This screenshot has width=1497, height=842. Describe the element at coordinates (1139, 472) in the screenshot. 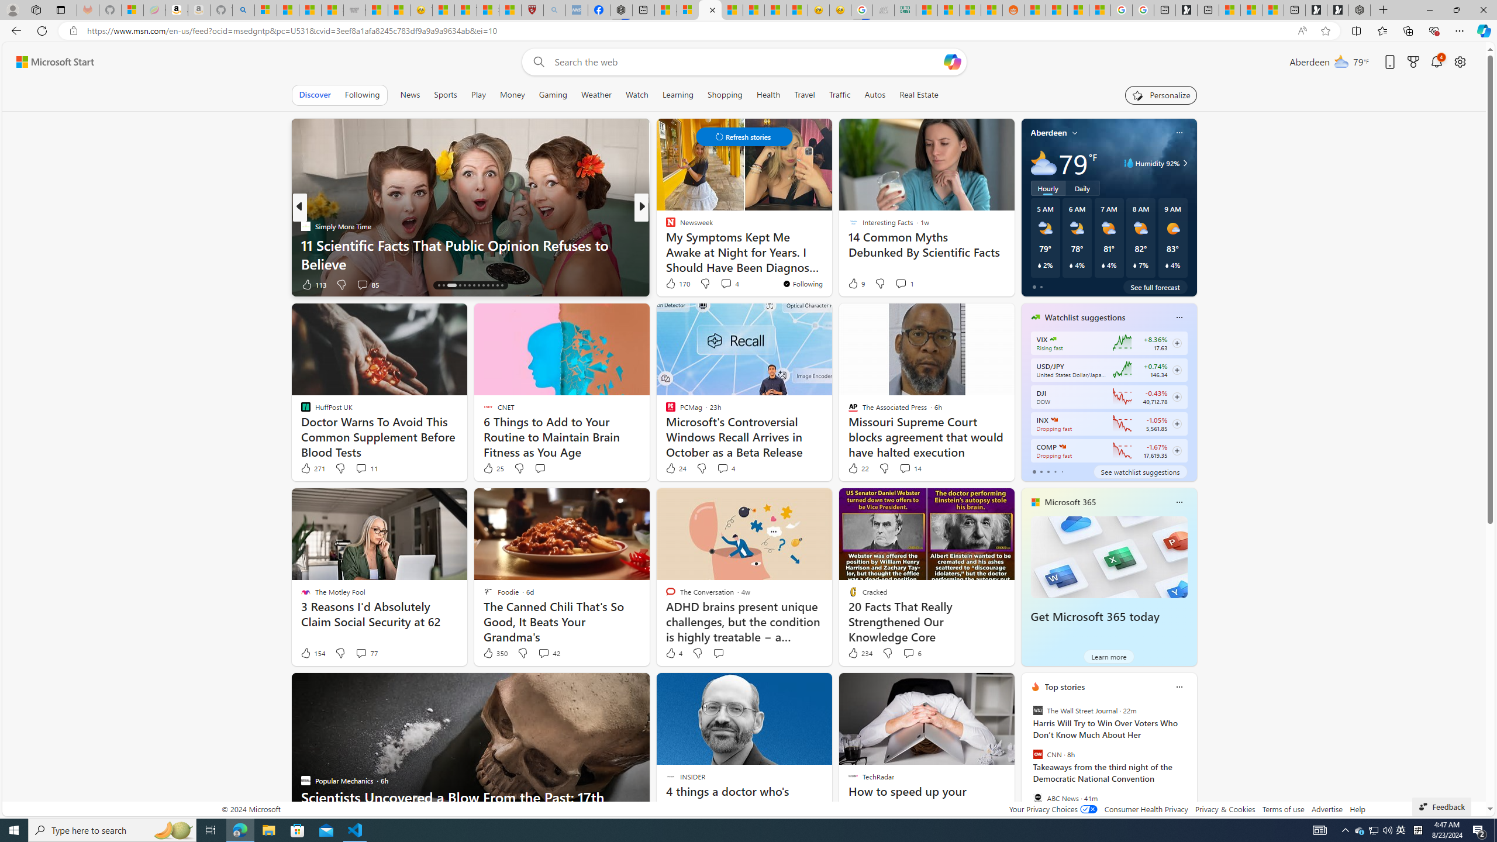

I see `'See watchlist suggestions'` at that location.